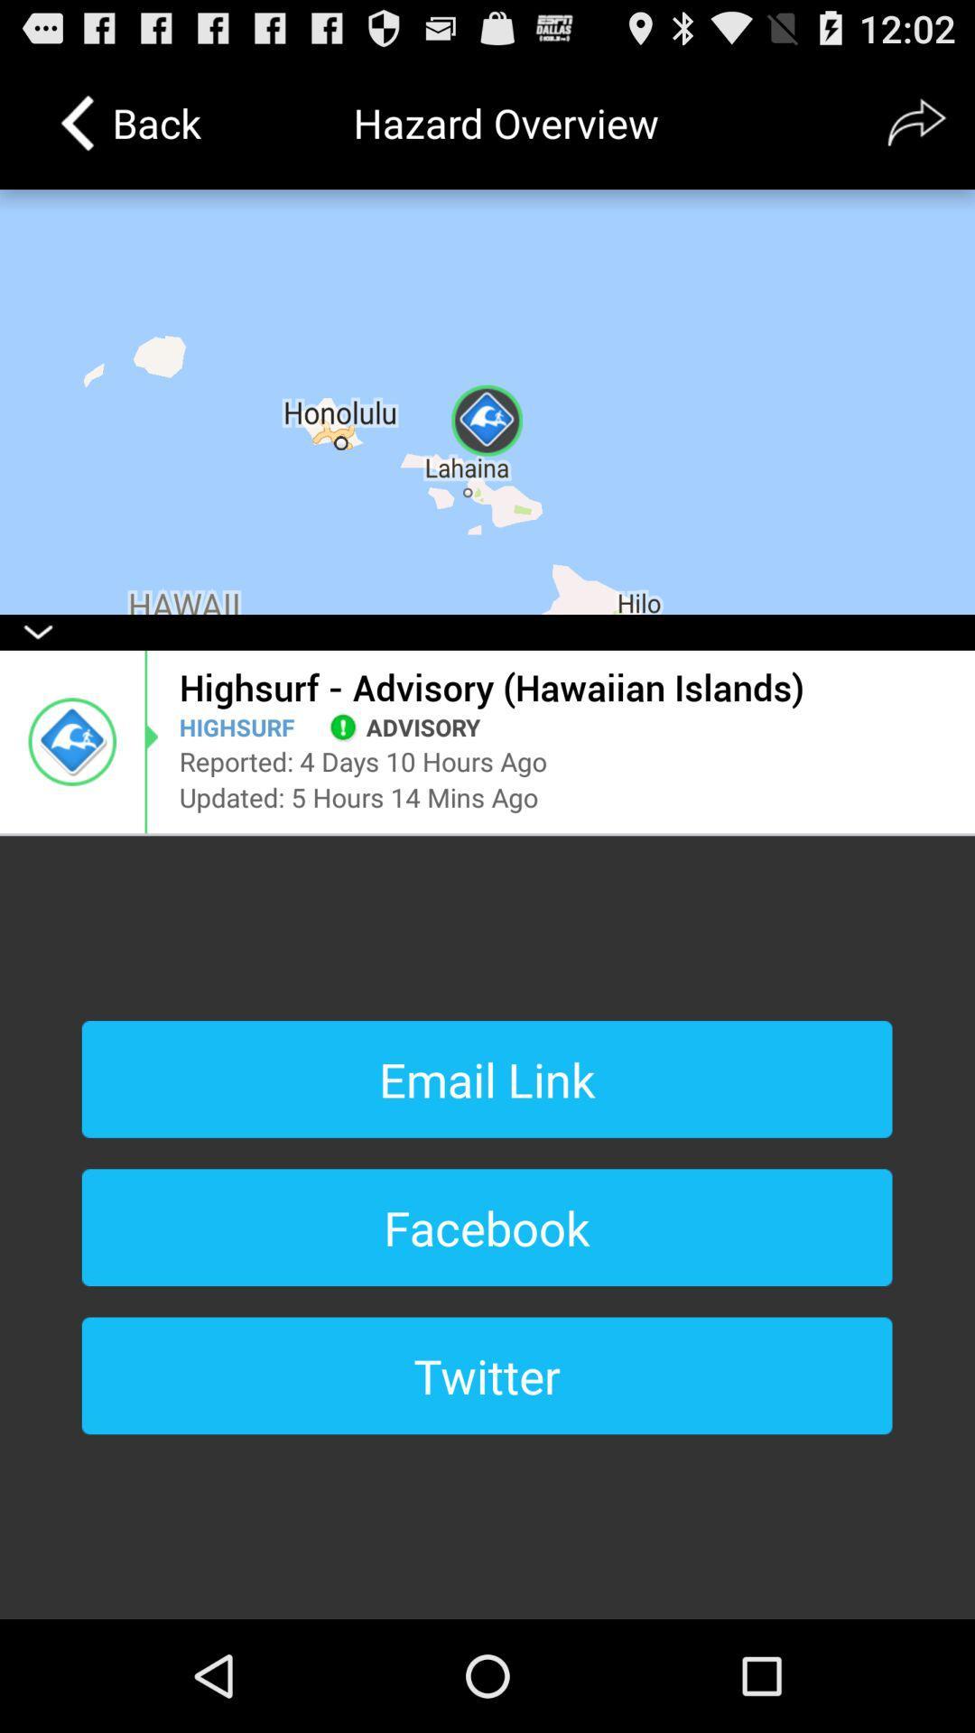 The width and height of the screenshot is (975, 1733). Describe the element at coordinates (343, 727) in the screenshot. I see `the button on green color icon` at that location.